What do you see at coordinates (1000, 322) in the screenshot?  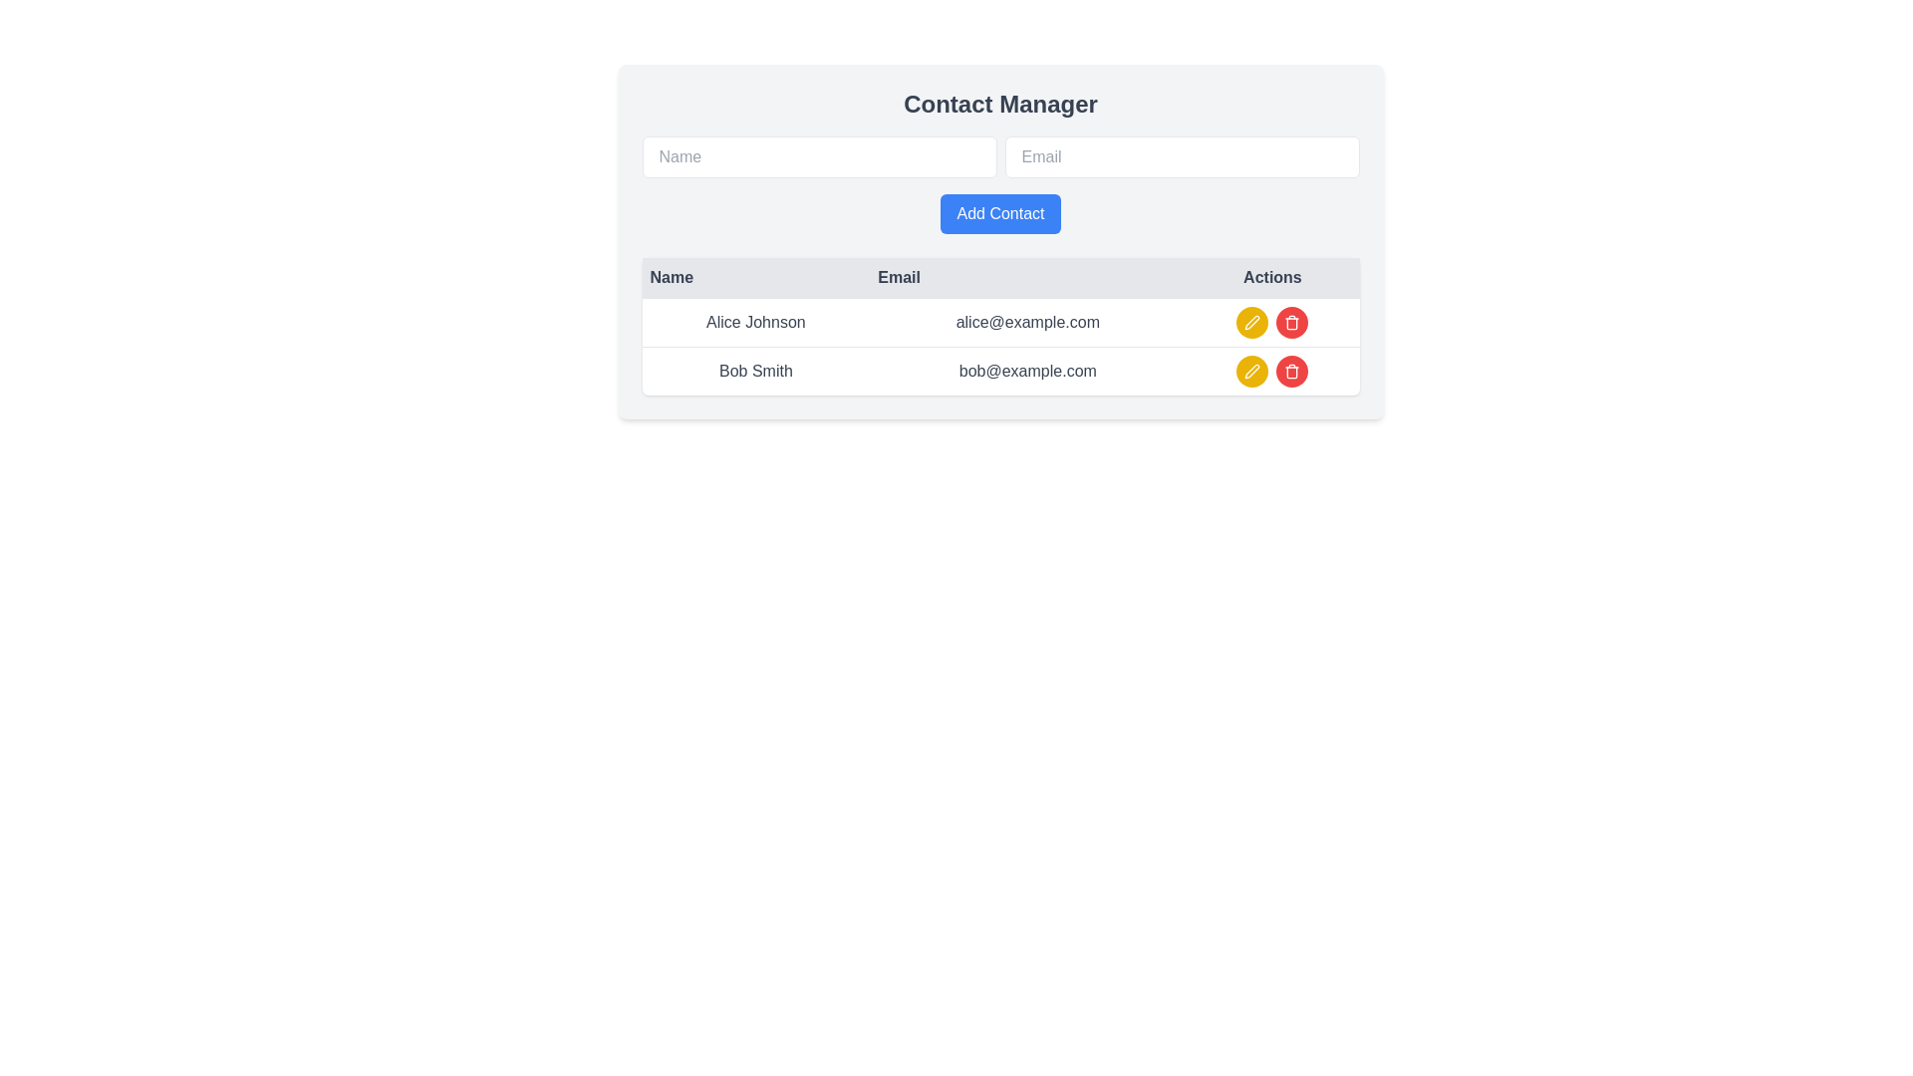 I see `the first row of the data table displaying user contact information for 'Alice Johnson' and 'alice@example.com'` at bounding box center [1000, 322].